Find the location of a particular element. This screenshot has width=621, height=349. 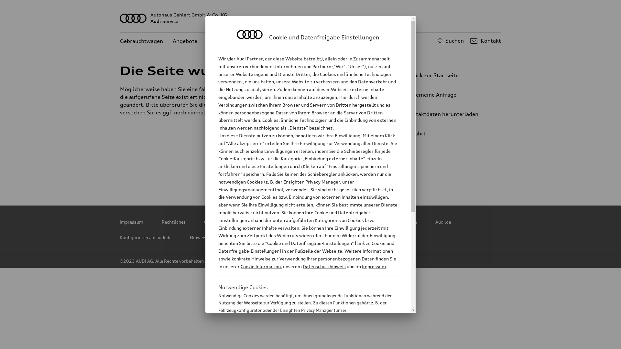

'Konfigurieren auf audi.de' is located at coordinates (145, 238).